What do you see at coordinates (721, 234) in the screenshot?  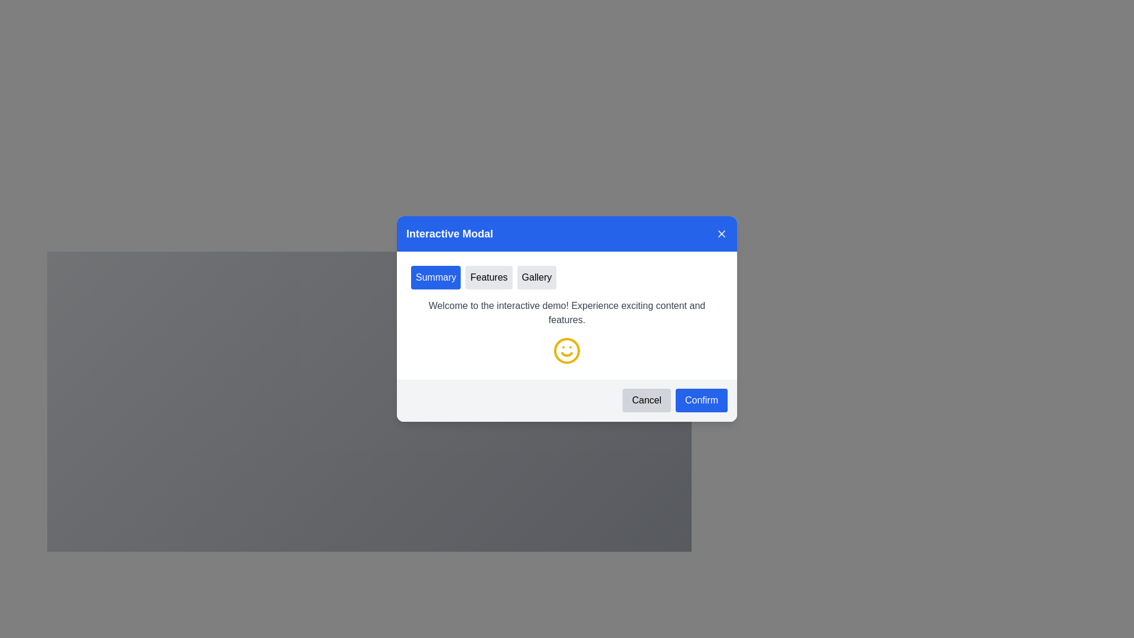 I see `the Close button located at the top-right corner of the modal` at bounding box center [721, 234].